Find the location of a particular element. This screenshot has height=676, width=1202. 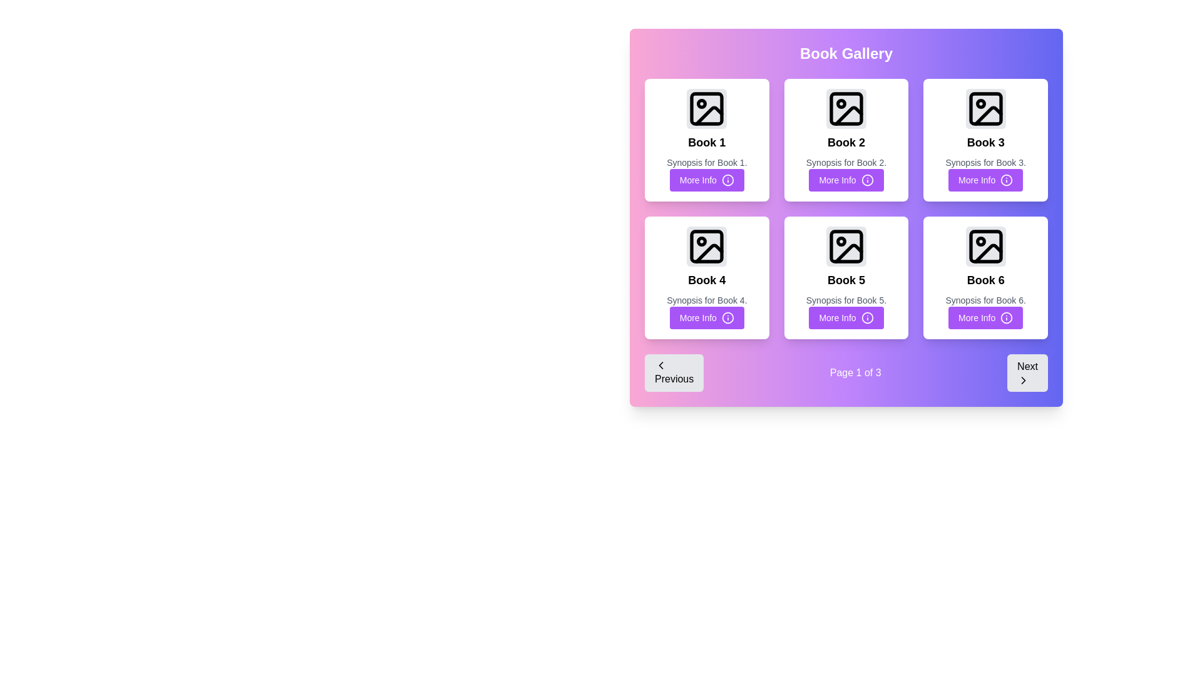

the Circular SVG element located adjacent to the 'More Info' button for Book 4 in the book gallery grid is located at coordinates (727, 317).